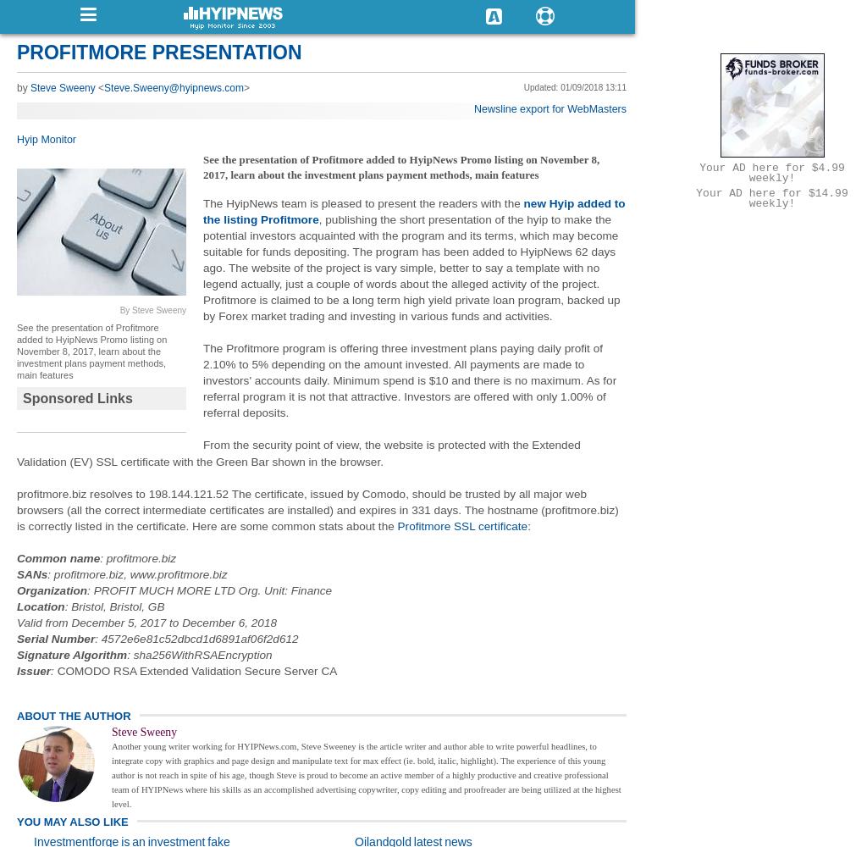  What do you see at coordinates (770, 172) in the screenshot?
I see `'Your AD here for $4.99 weekly!'` at bounding box center [770, 172].